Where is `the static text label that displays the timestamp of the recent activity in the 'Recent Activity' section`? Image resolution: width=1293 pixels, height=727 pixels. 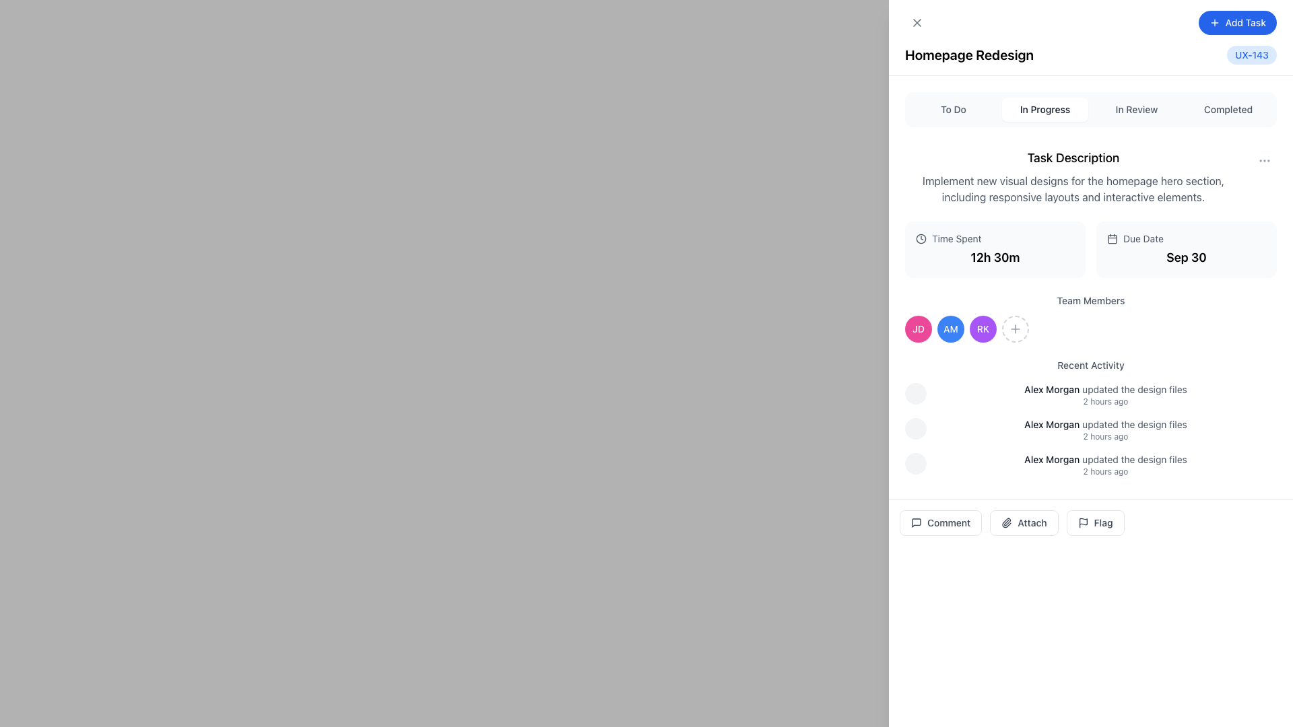
the static text label that displays the timestamp of the recent activity in the 'Recent Activity' section is located at coordinates (1105, 471).